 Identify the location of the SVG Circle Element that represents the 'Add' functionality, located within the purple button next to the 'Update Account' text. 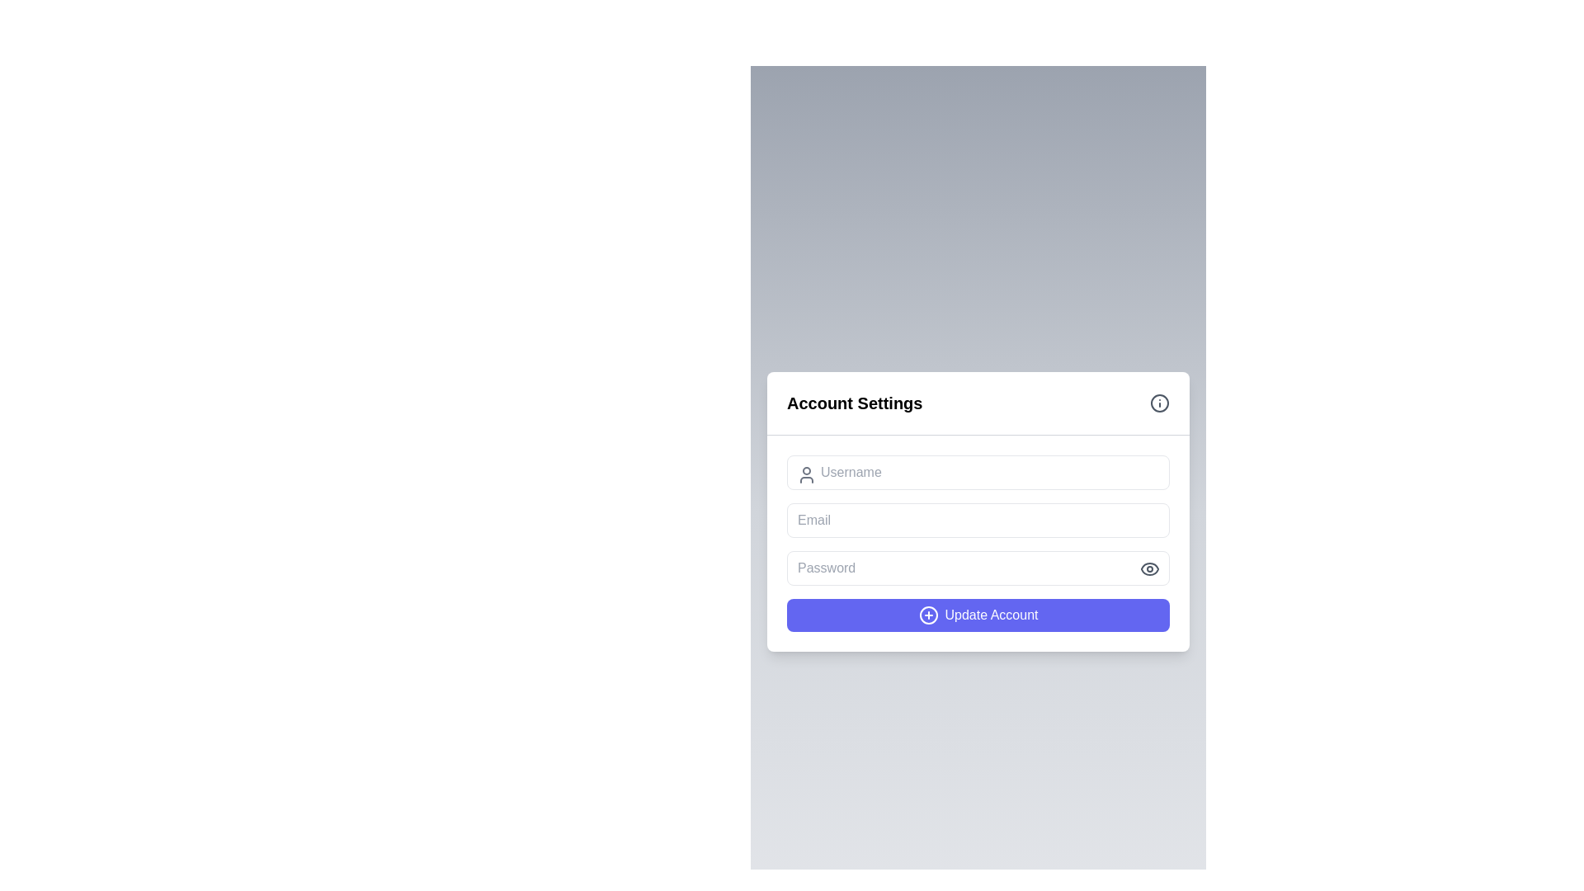
(928, 615).